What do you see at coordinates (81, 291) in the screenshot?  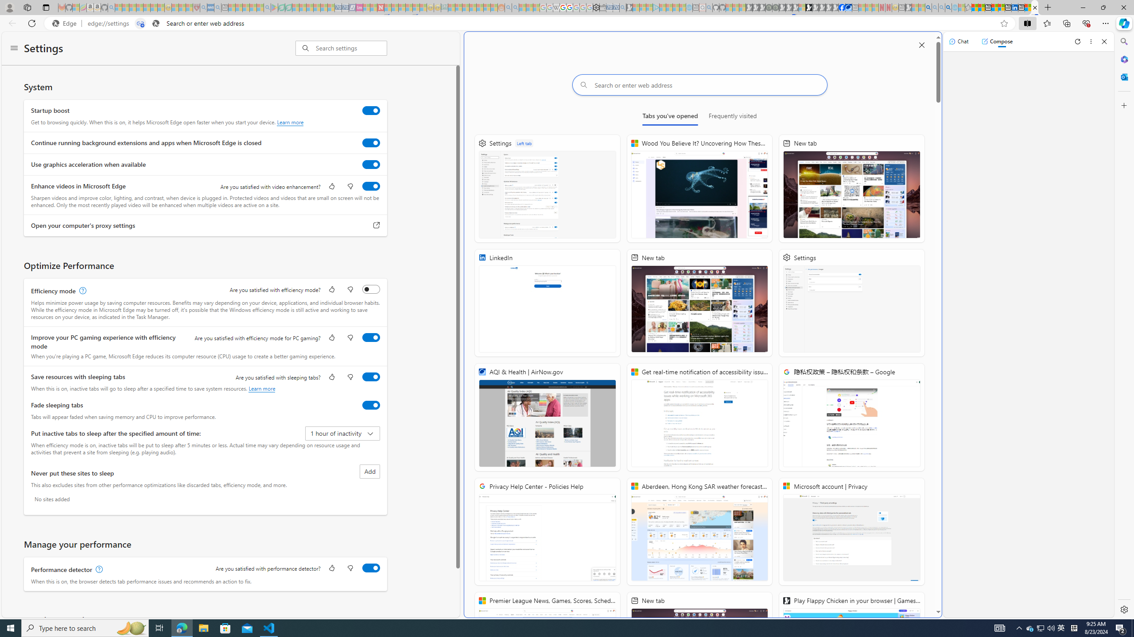 I see `'Efficiency mode, learn more'` at bounding box center [81, 291].